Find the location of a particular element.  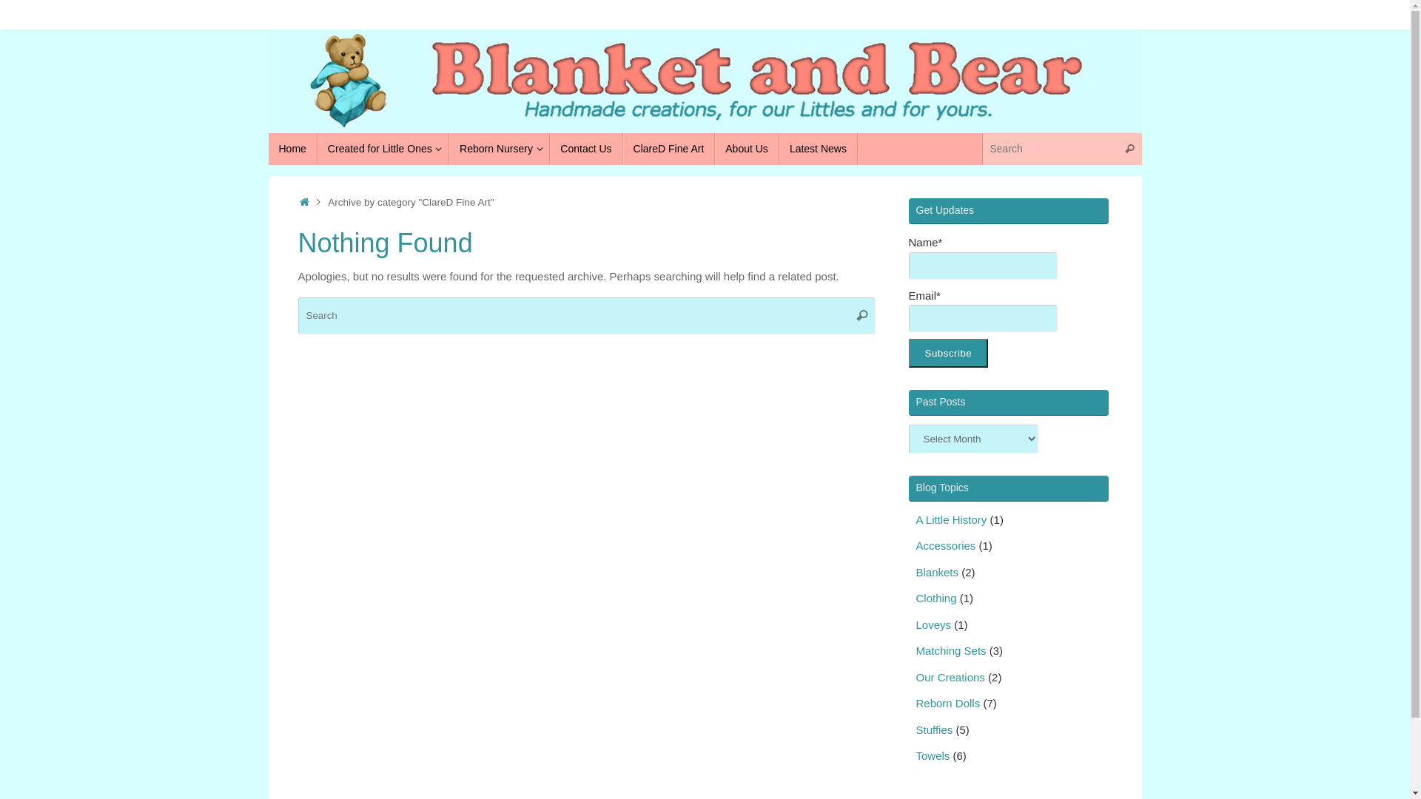

'ClareD Fine Art' is located at coordinates (668, 149).